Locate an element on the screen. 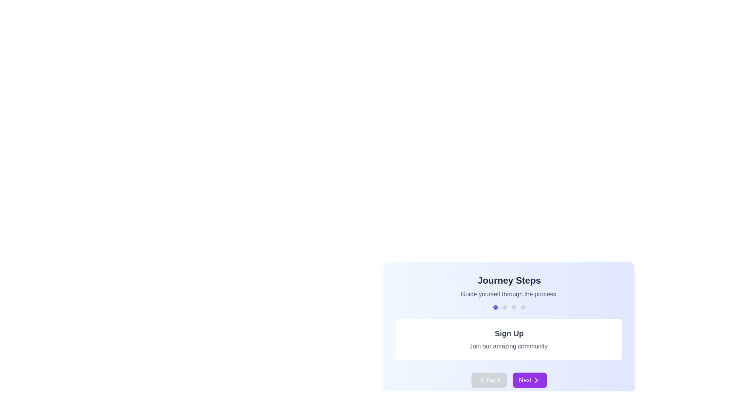 The width and height of the screenshot is (736, 414). the fourth and last circular progress step indicator in the multi-step progress flow, which is currently inactive and positioned at the rightmost end of the progress indicators is located at coordinates (522, 307).